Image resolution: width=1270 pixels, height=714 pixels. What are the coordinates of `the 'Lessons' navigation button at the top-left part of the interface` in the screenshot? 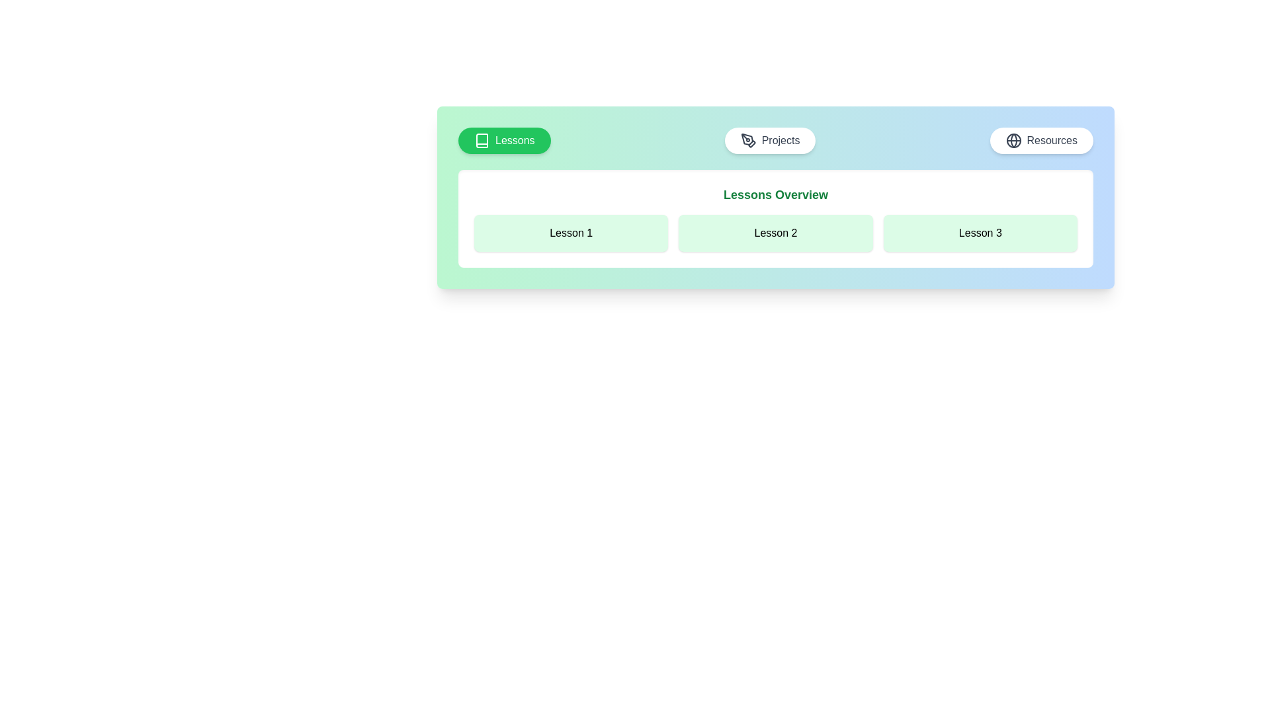 It's located at (503, 140).